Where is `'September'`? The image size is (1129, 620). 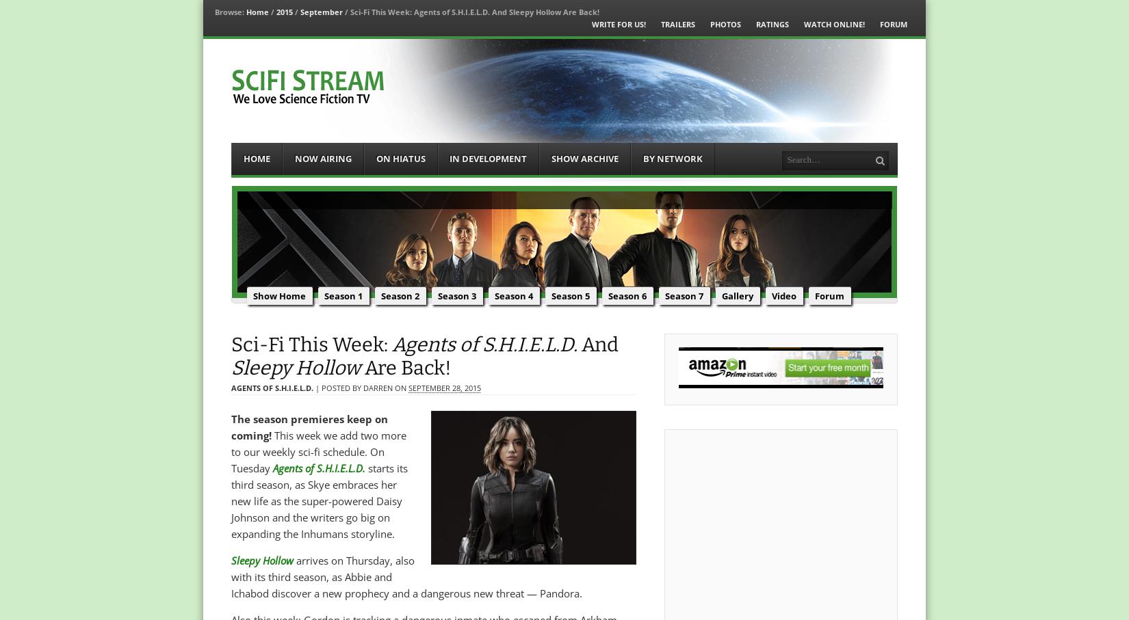
'September' is located at coordinates (320, 11).